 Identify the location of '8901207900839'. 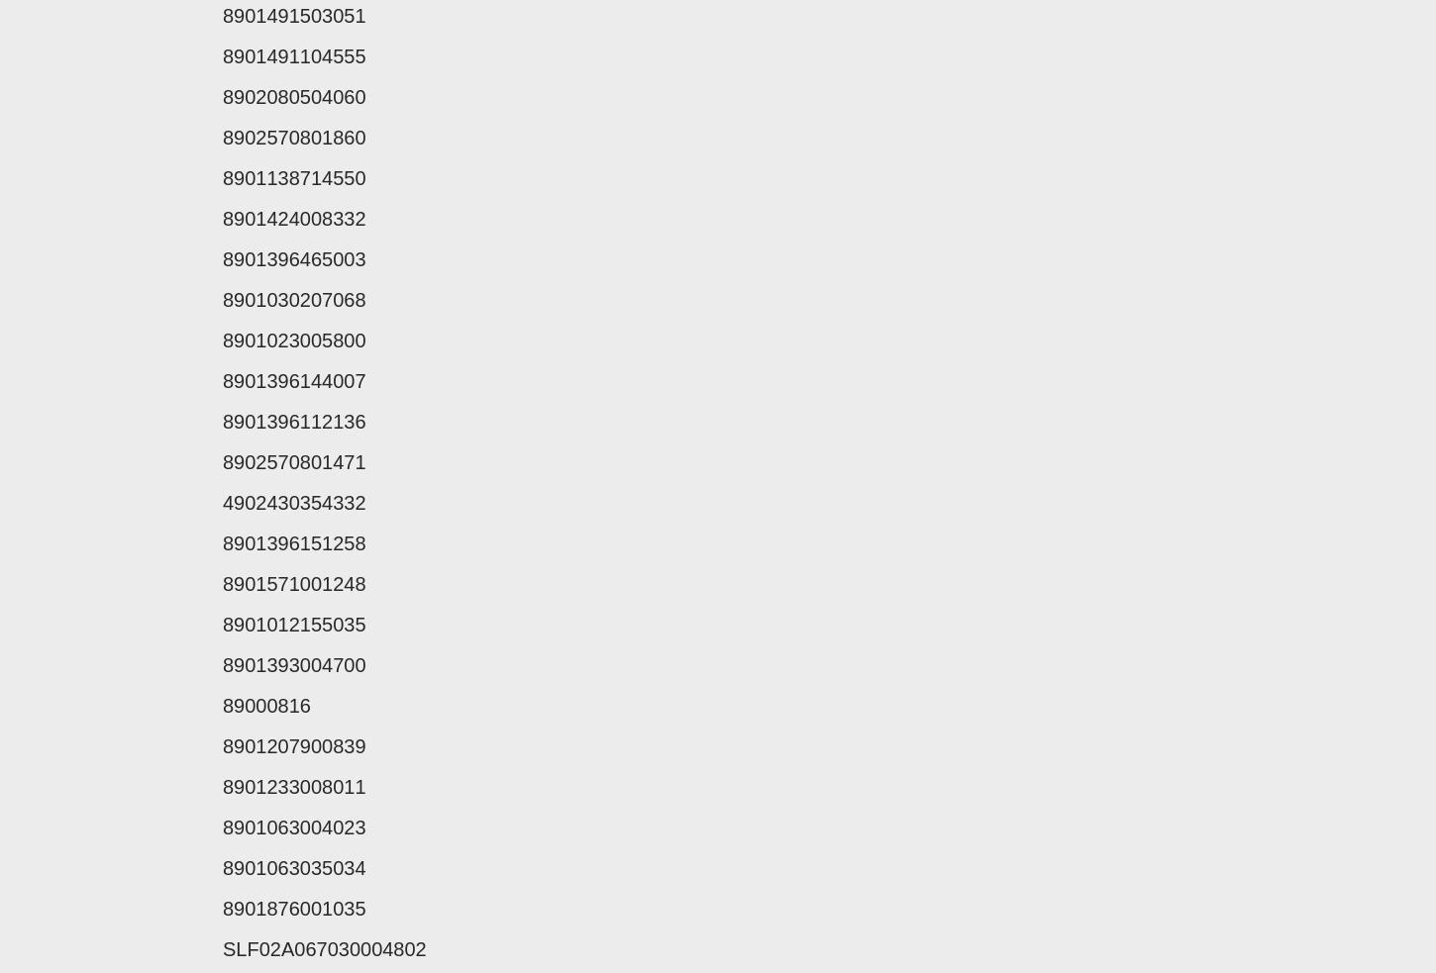
(293, 744).